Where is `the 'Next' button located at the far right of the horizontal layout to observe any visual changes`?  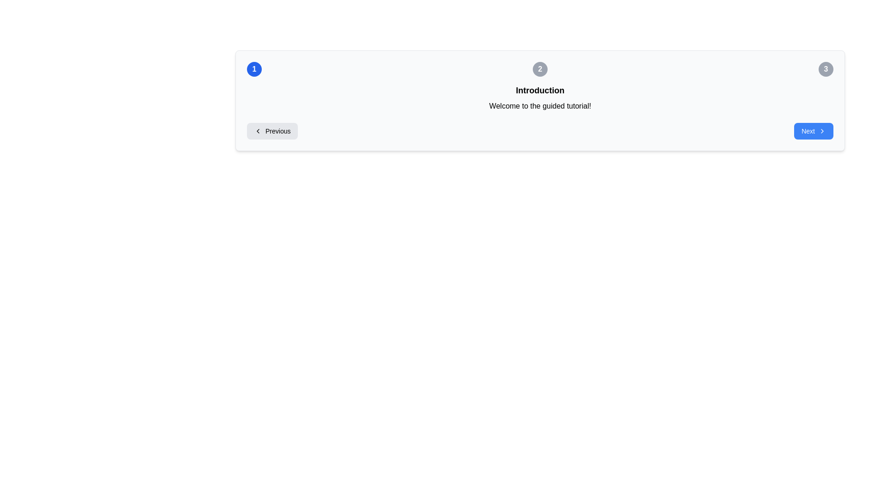
the 'Next' button located at the far right of the horizontal layout to observe any visual changes is located at coordinates (813, 131).